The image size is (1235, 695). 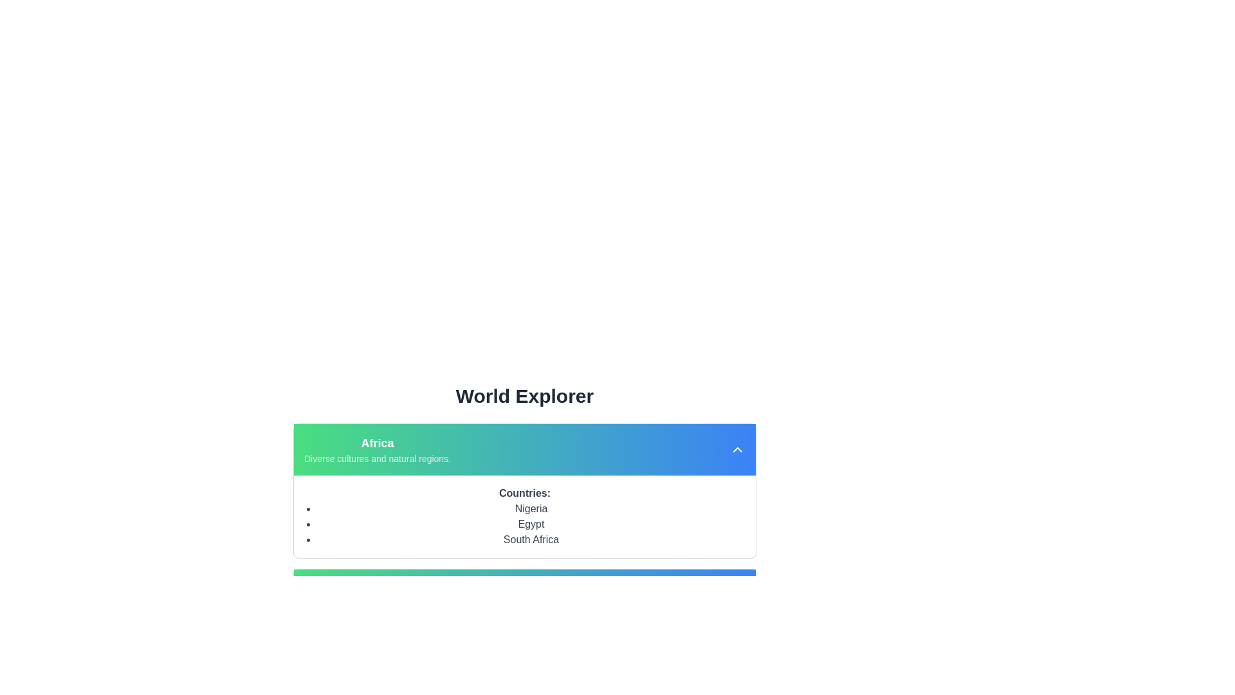 I want to click on the Informational Card titled 'Africa', so click(x=525, y=553).